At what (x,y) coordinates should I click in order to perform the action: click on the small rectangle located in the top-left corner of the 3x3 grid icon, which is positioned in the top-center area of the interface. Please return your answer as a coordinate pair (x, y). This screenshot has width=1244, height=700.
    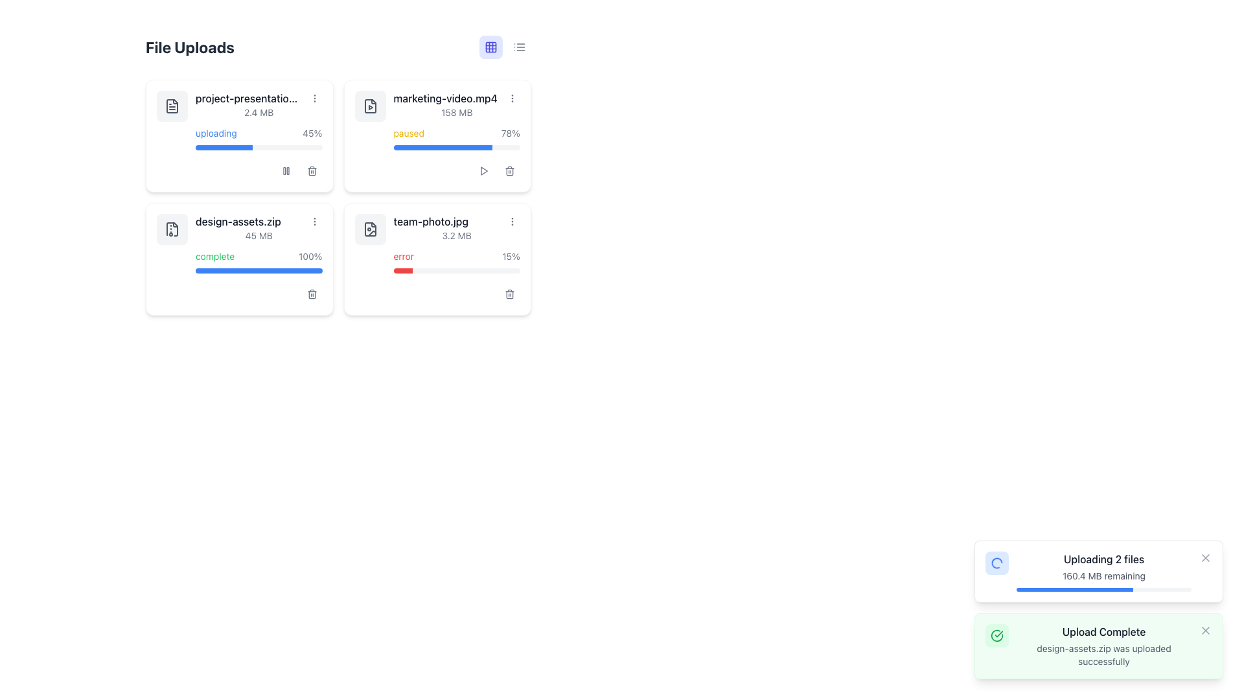
    Looking at the image, I should click on (490, 47).